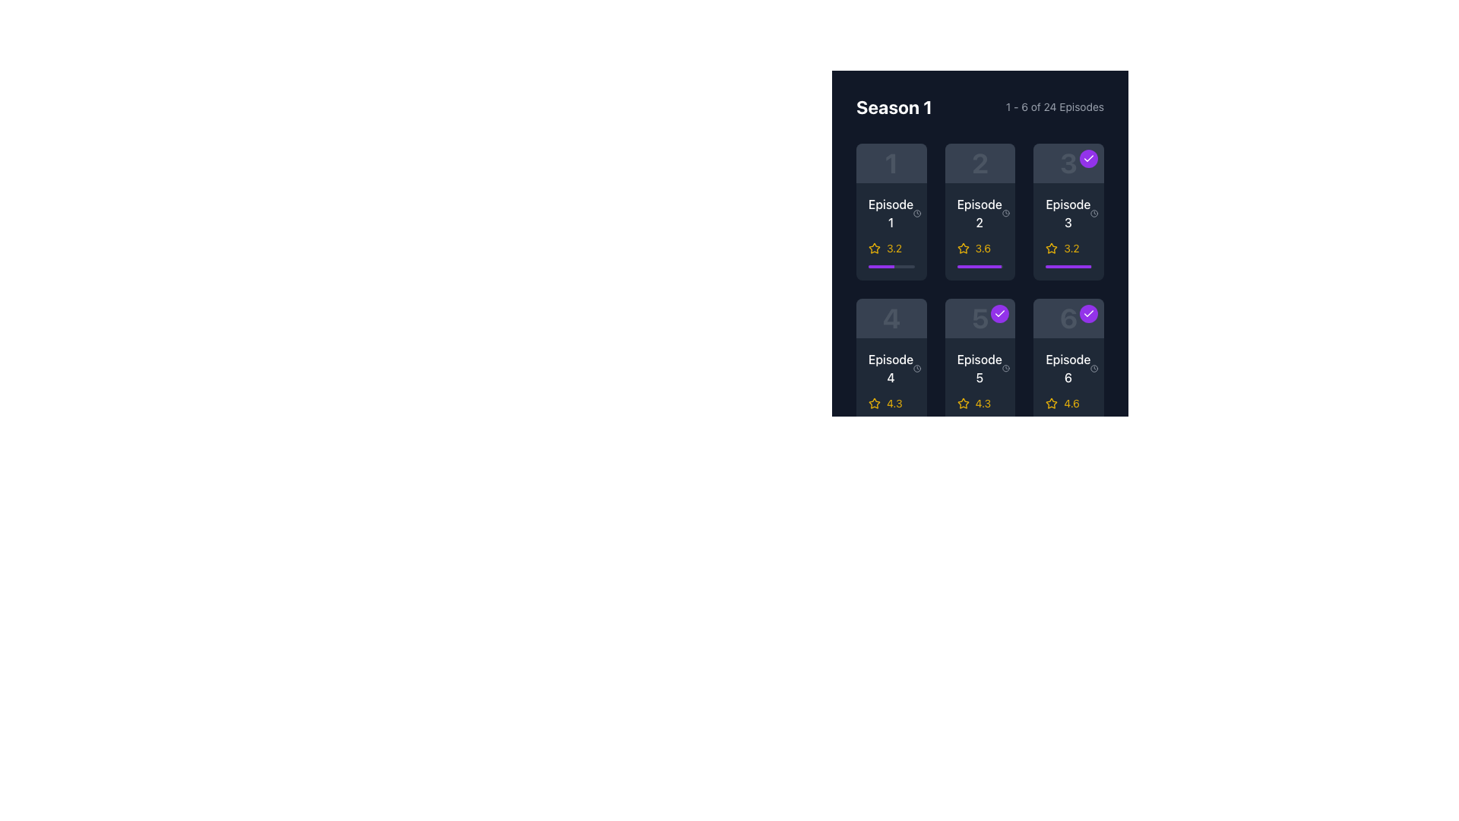 This screenshot has height=821, width=1459. What do you see at coordinates (891, 386) in the screenshot?
I see `the fourth episode item box in the grid layout under the 'Season 1' section` at bounding box center [891, 386].